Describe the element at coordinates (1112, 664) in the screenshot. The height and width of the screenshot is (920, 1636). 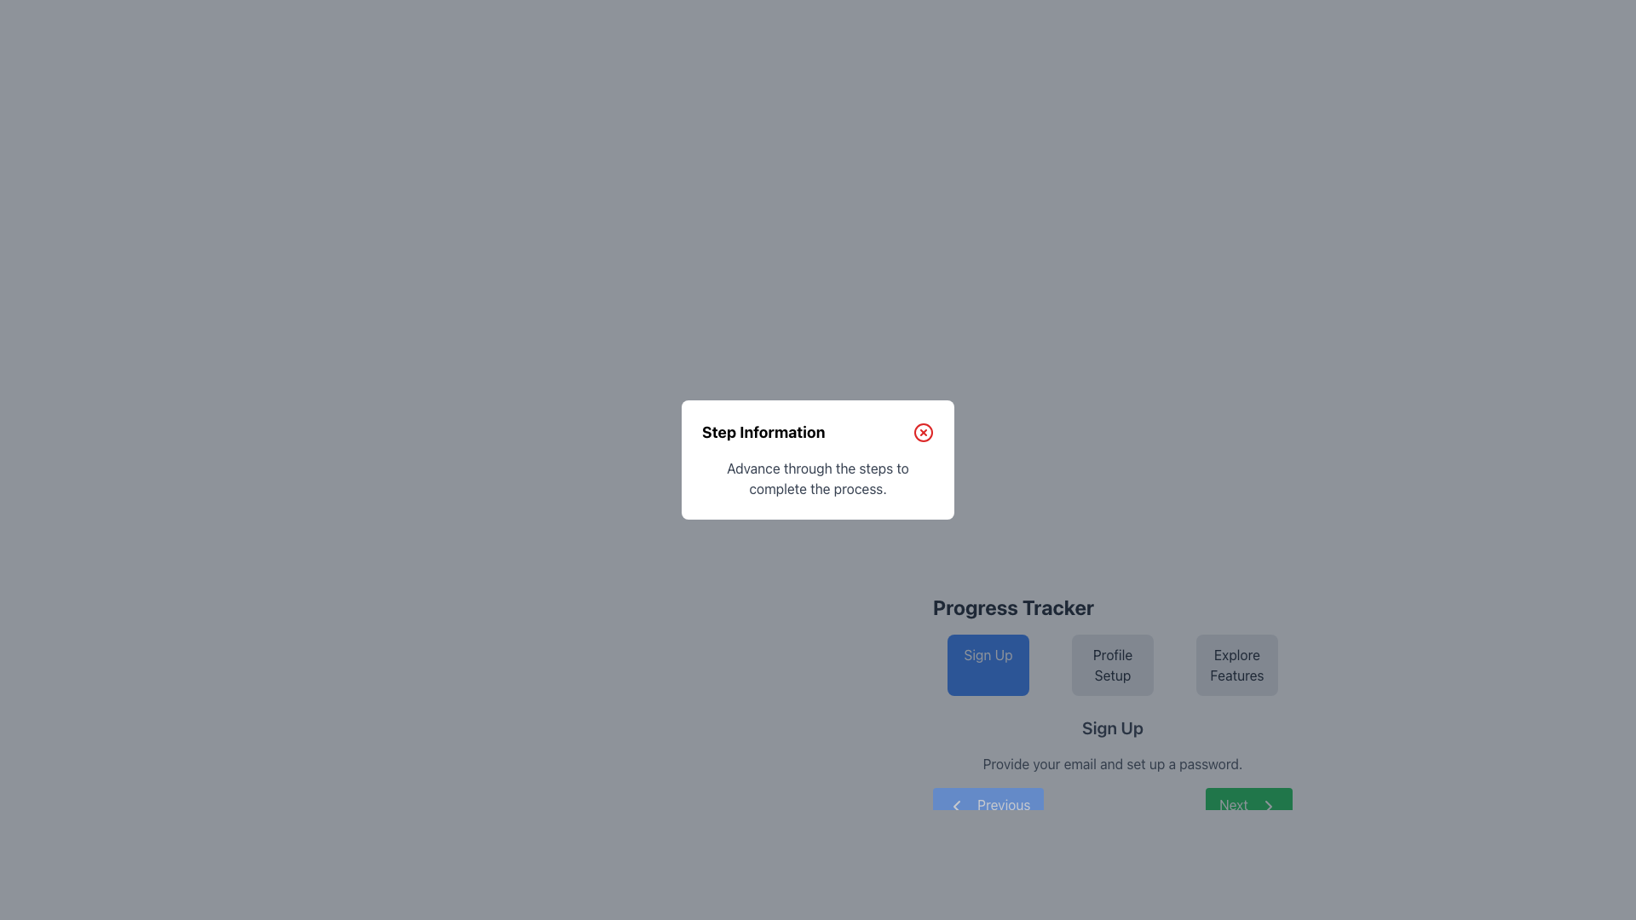
I see `the 'Profile Setup' button, which is the second button in a horizontal sequence of three, located to the right of 'Sign Up' and to the left of 'Explore Features', slightly below the 'Progress Tracker' text` at that location.